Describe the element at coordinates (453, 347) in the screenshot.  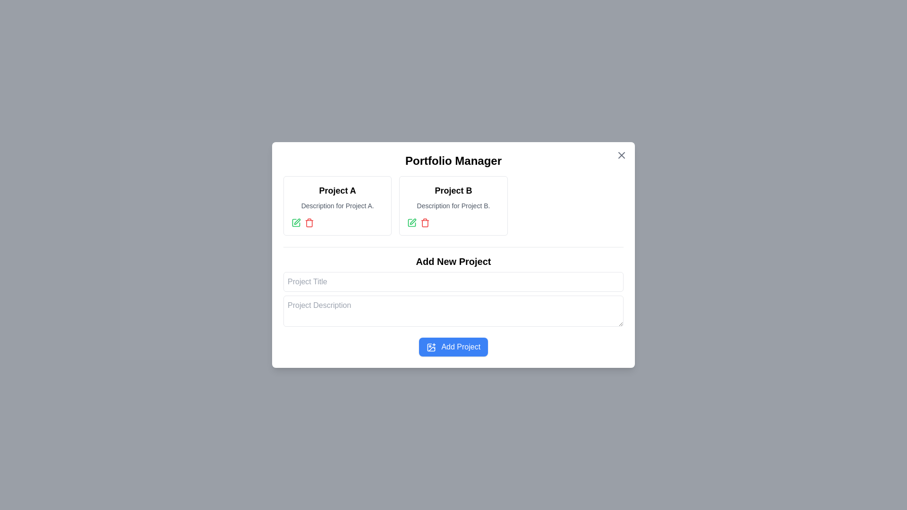
I see `the 'Add Project' blue button with rounded corners, which is located at the bottom of the 'Add New Project' section, to provide visual feedback` at that location.